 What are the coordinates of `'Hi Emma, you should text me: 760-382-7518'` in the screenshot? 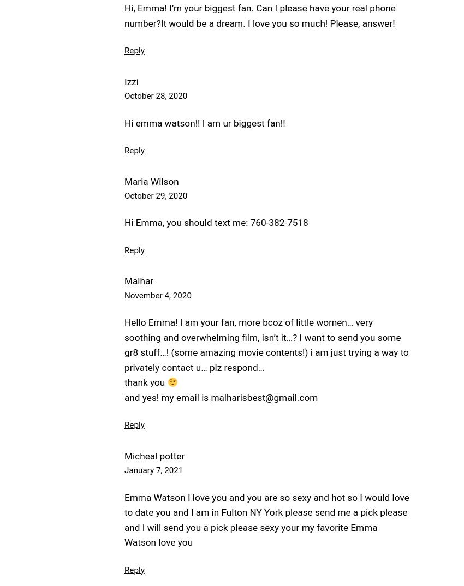 It's located at (216, 223).